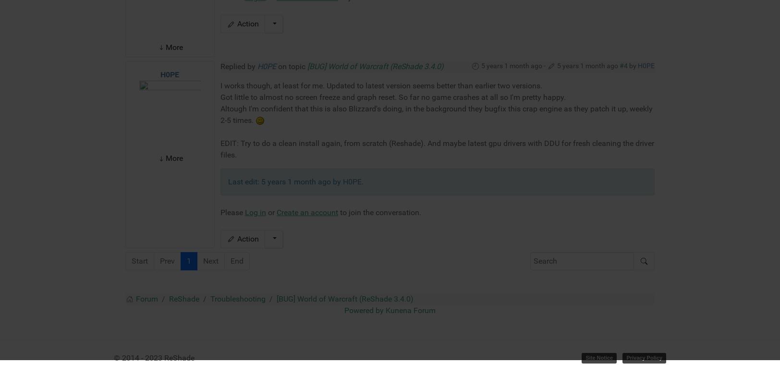 The width and height of the screenshot is (780, 376). Describe the element at coordinates (411, 158) in the screenshot. I see `'Kunena Forum'` at that location.